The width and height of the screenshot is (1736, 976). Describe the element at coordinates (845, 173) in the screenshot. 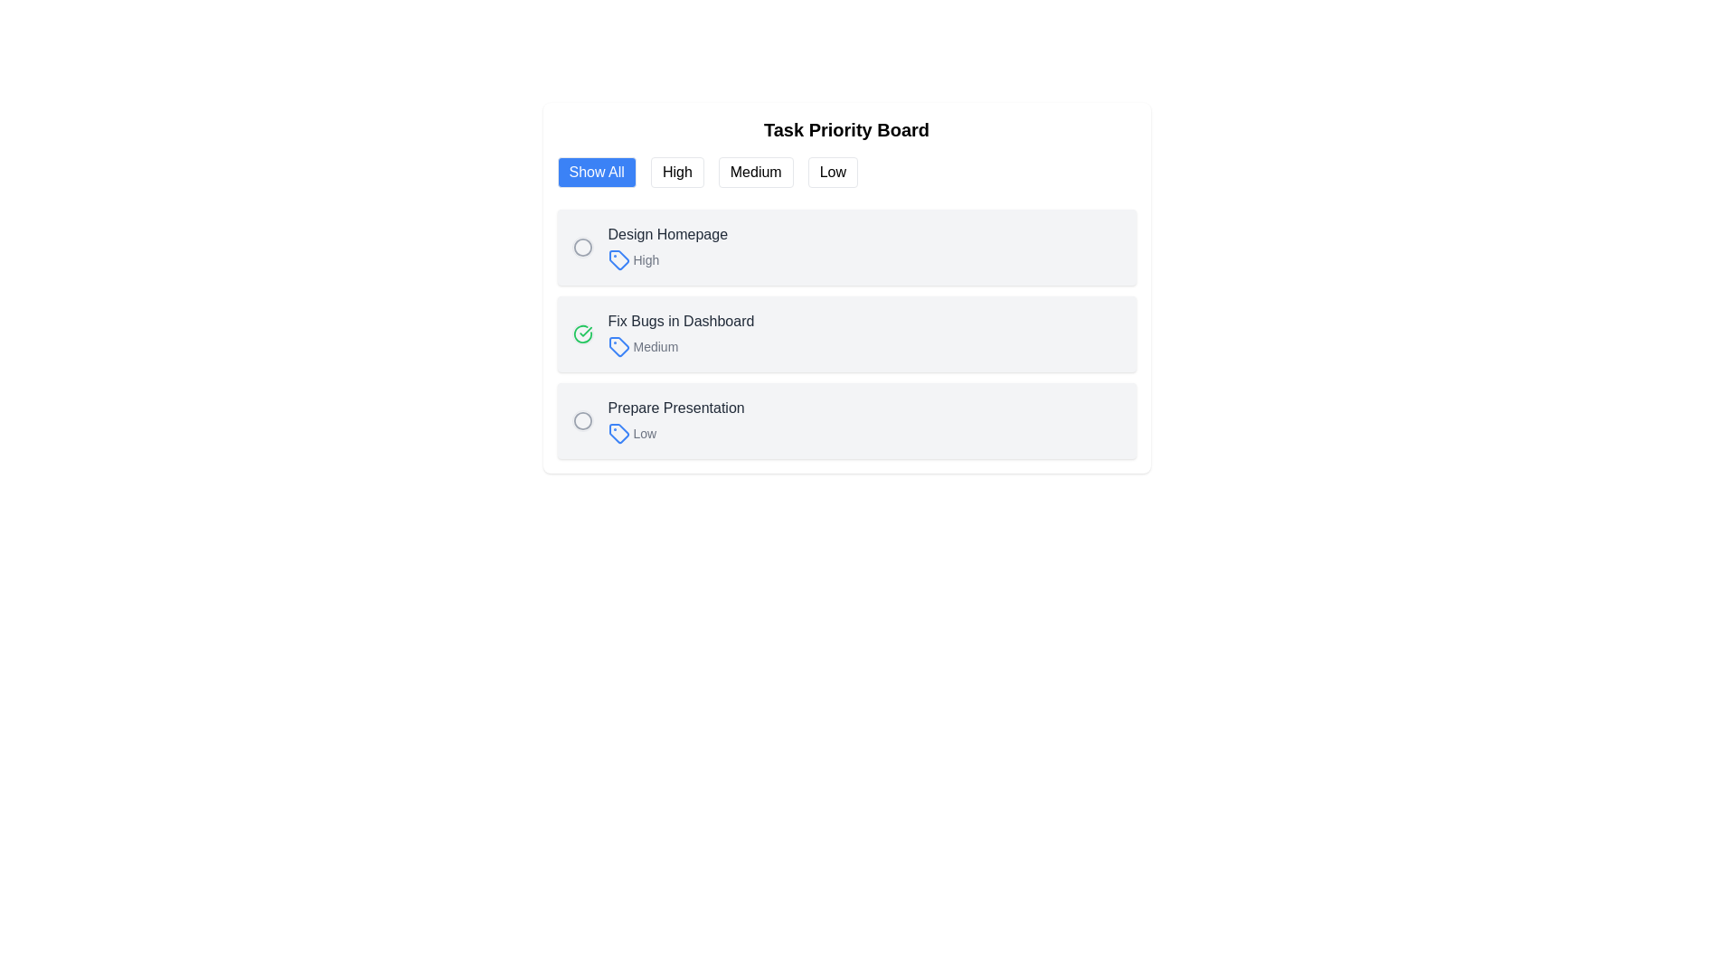

I see `the group of interactive buttons labeled 'Show All', 'High', 'Medium', and 'Low'` at that location.